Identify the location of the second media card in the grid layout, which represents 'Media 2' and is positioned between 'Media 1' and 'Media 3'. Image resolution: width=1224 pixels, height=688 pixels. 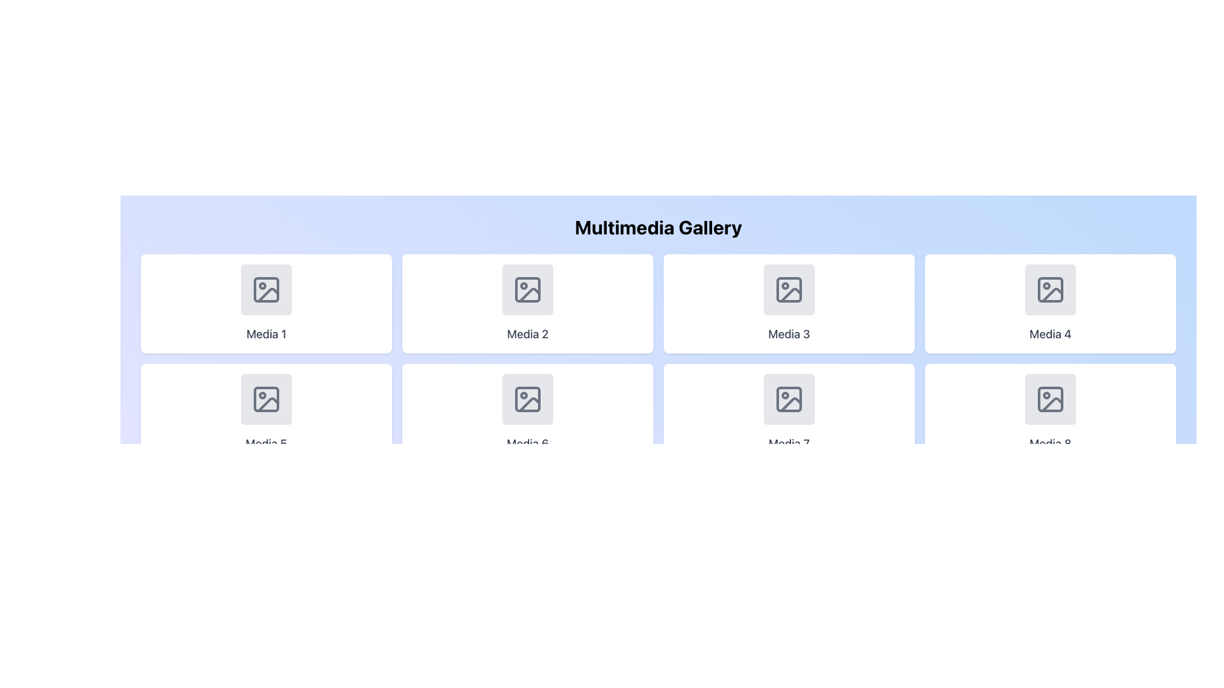
(528, 304).